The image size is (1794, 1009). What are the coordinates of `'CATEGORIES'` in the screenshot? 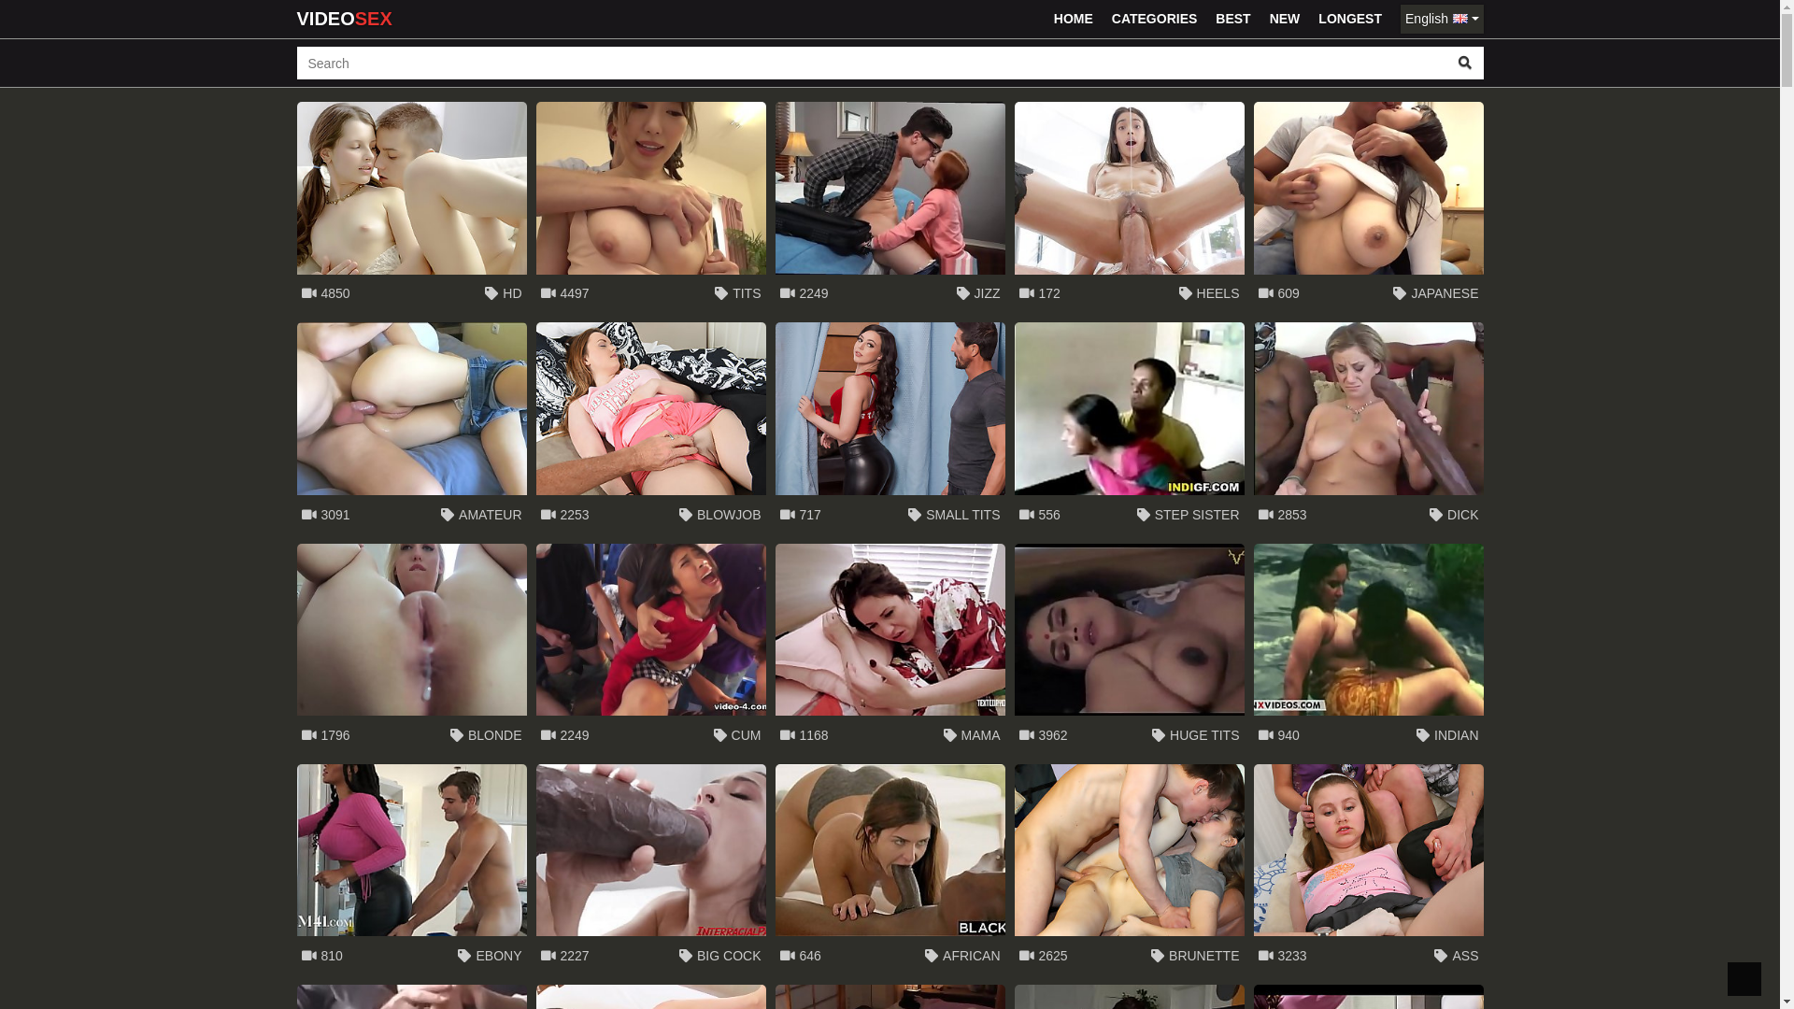 It's located at (1154, 19).